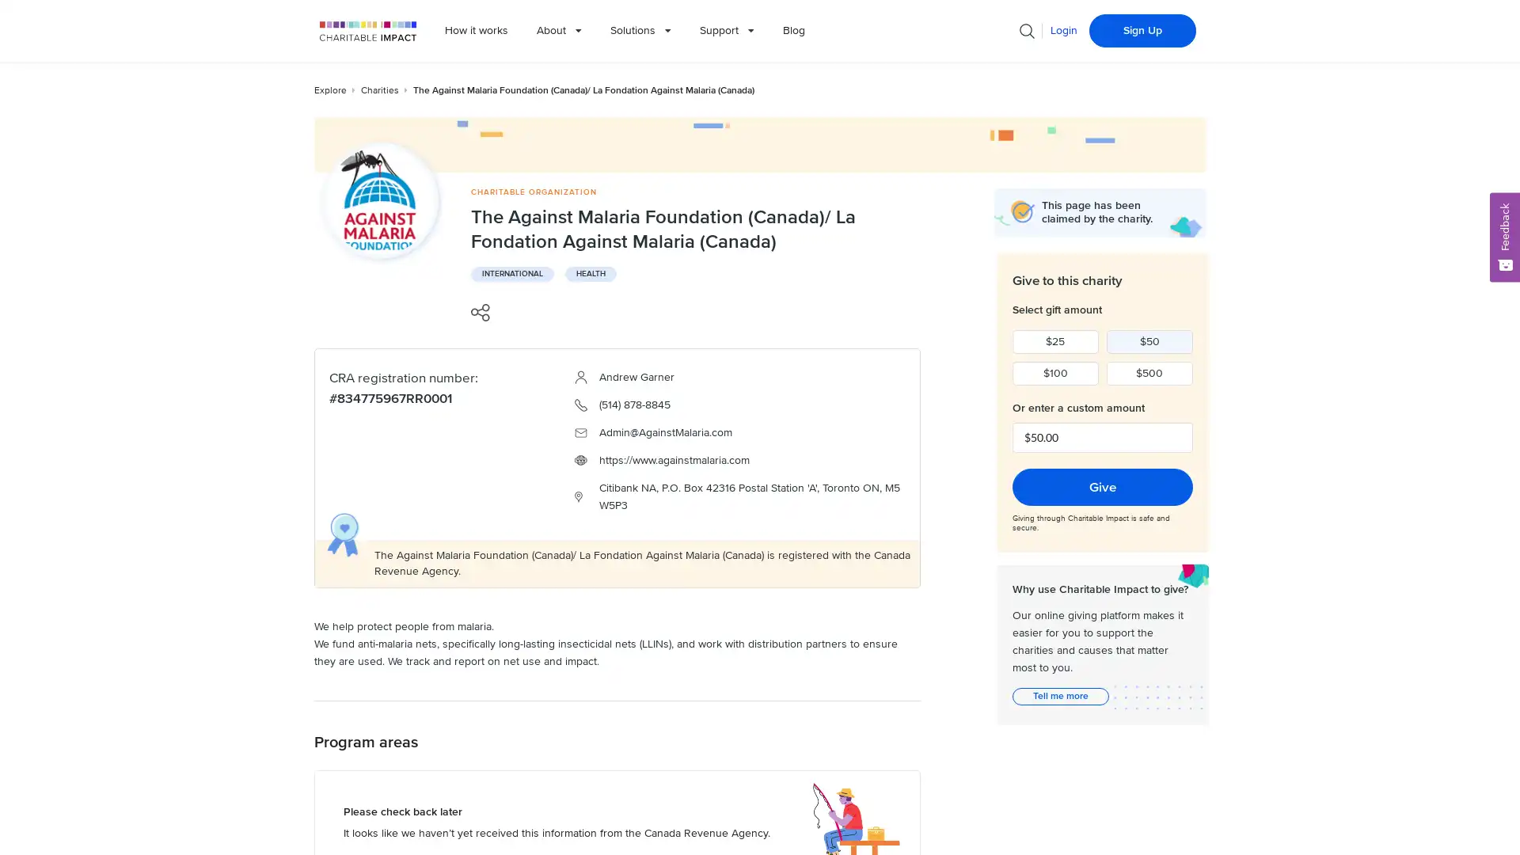  I want to click on $100, so click(1054, 372).